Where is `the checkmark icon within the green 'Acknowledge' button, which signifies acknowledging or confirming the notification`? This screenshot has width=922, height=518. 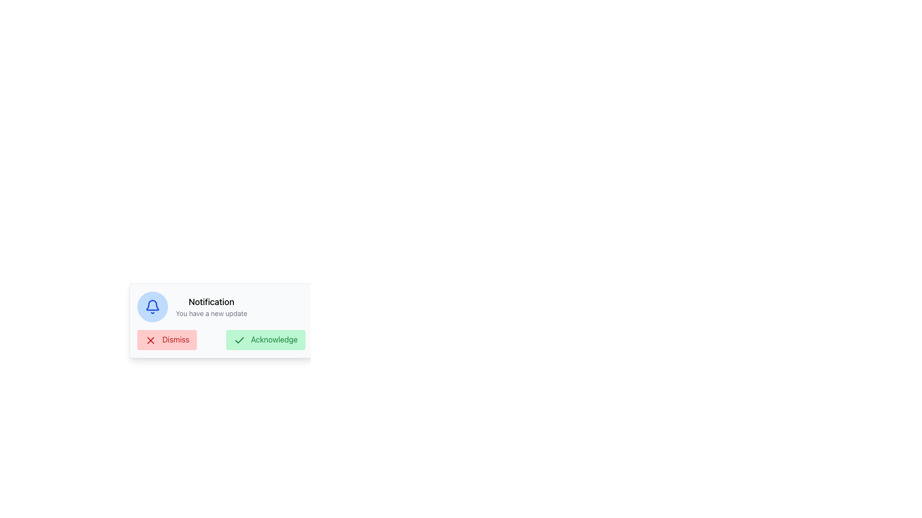
the checkmark icon within the green 'Acknowledge' button, which signifies acknowledging or confirming the notification is located at coordinates (239, 340).